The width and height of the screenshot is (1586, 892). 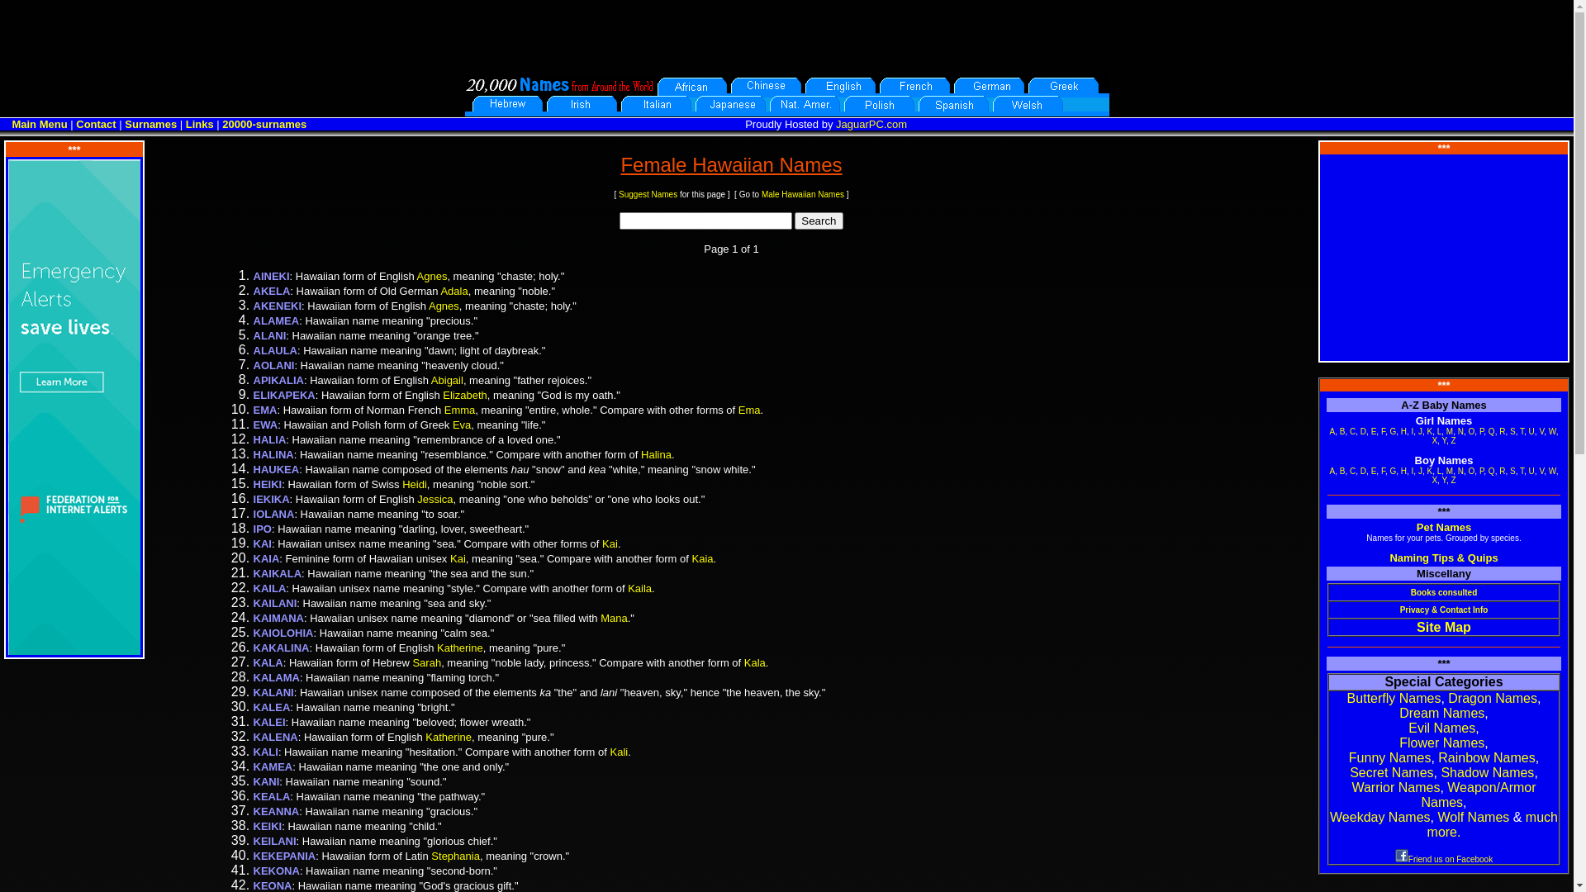 What do you see at coordinates (1486, 757) in the screenshot?
I see `'Rainbow Names'` at bounding box center [1486, 757].